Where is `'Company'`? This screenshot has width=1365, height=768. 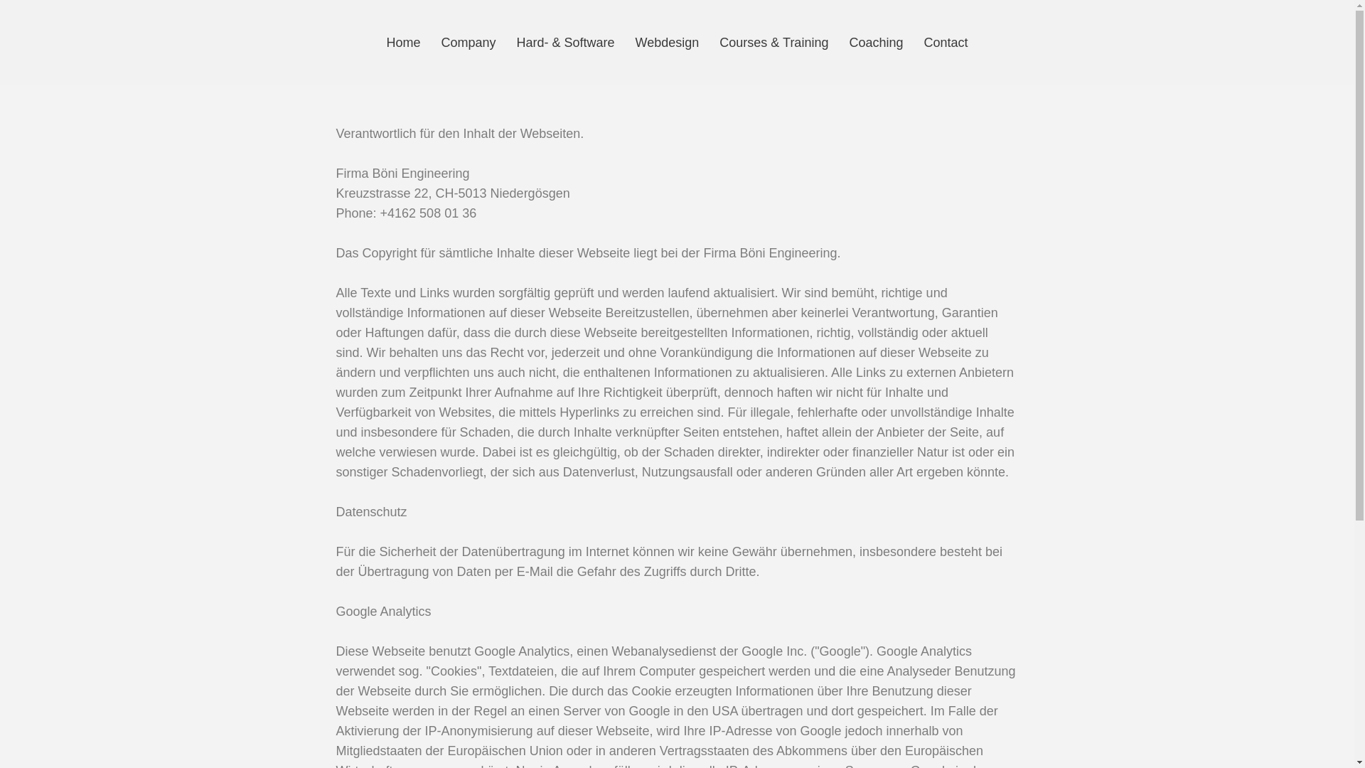
'Company' is located at coordinates (468, 42).